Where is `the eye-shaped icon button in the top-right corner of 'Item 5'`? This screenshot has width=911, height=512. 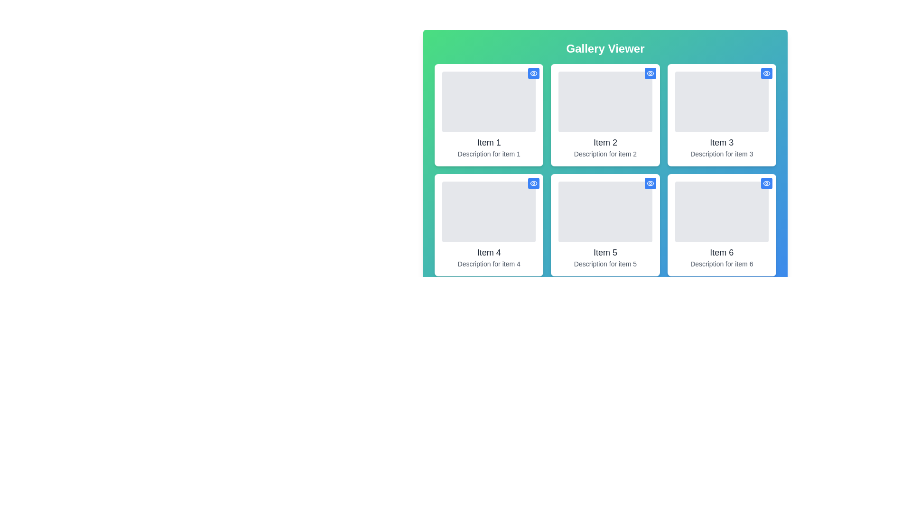
the eye-shaped icon button in the top-right corner of 'Item 5' is located at coordinates (650, 183).